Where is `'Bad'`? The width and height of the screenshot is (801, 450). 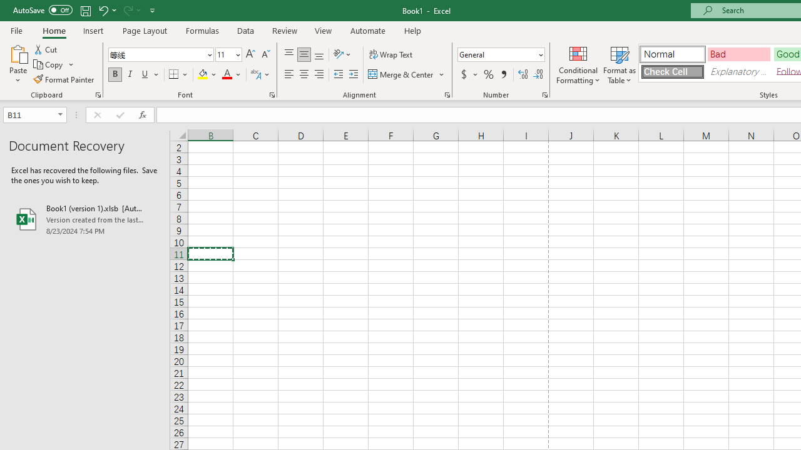
'Bad' is located at coordinates (738, 53).